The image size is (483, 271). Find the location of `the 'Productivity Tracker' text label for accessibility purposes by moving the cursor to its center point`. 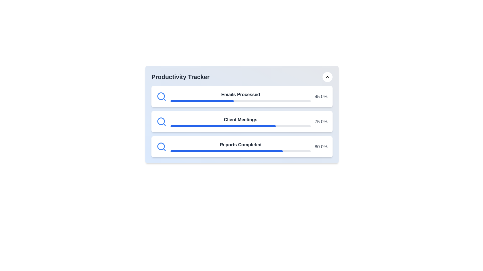

the 'Productivity Tracker' text label for accessibility purposes by moving the cursor to its center point is located at coordinates (180, 77).